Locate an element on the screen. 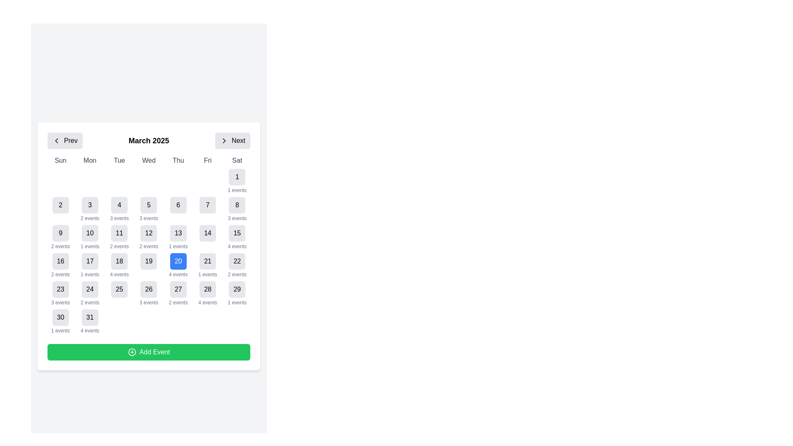 The image size is (793, 446). the calendar date button for March 5th, 2025, to enable keyboard navigation is located at coordinates (149, 205).